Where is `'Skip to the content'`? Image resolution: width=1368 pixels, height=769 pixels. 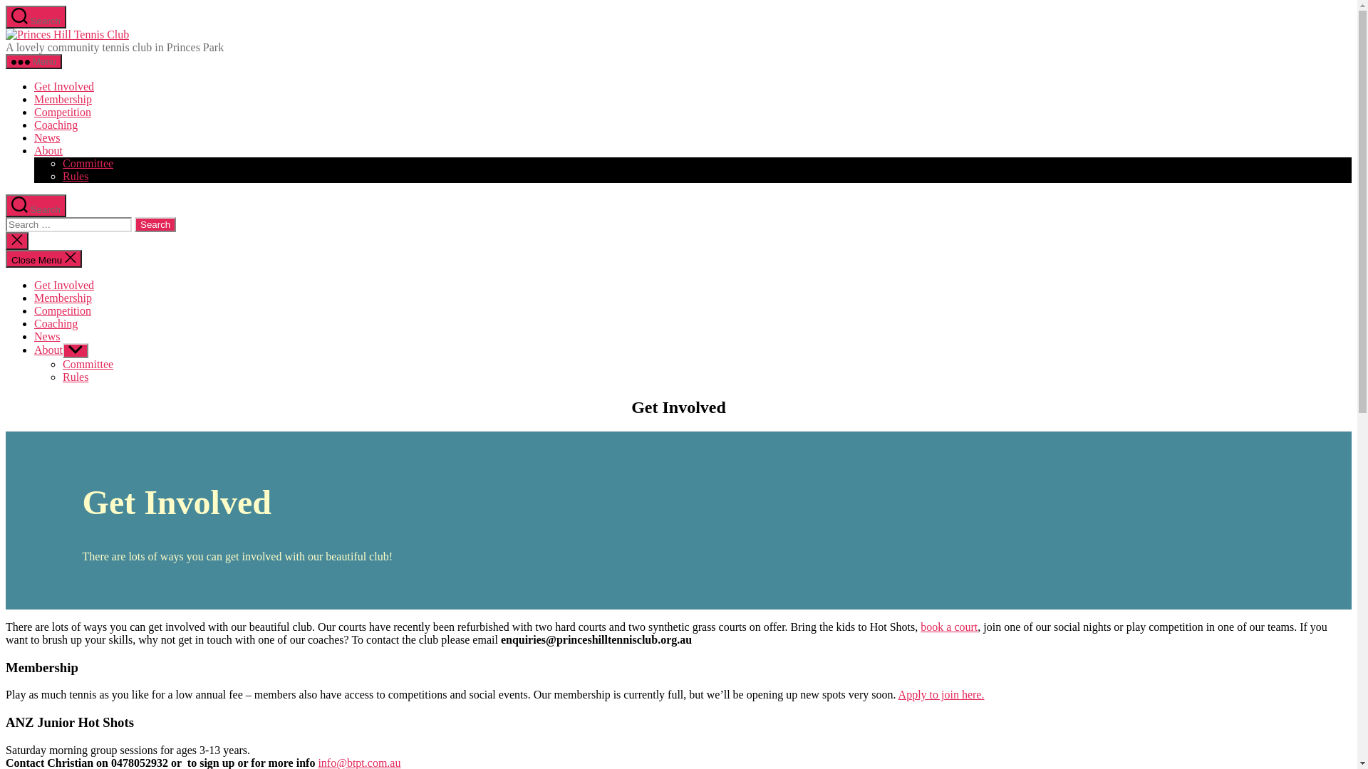
'Skip to the content' is located at coordinates (5, 5).